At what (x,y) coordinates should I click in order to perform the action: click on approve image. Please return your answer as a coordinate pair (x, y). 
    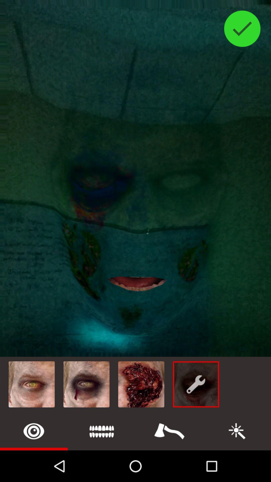
    Looking at the image, I should click on (242, 28).